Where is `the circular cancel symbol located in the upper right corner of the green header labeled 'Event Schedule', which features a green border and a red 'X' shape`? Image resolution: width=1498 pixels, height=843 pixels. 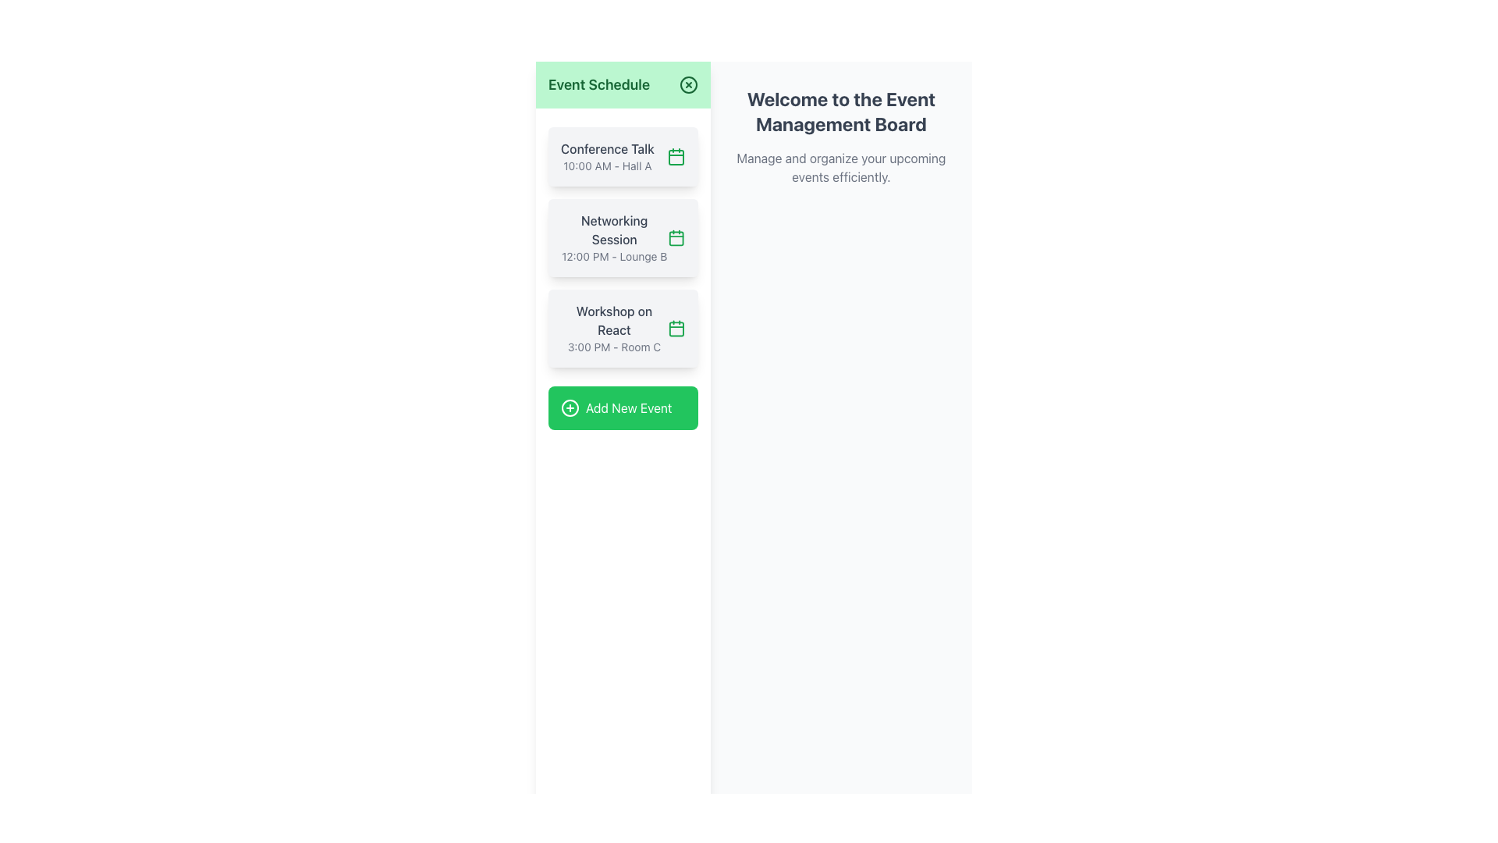 the circular cancel symbol located in the upper right corner of the green header labeled 'Event Schedule', which features a green border and a red 'X' shape is located at coordinates (687, 84).